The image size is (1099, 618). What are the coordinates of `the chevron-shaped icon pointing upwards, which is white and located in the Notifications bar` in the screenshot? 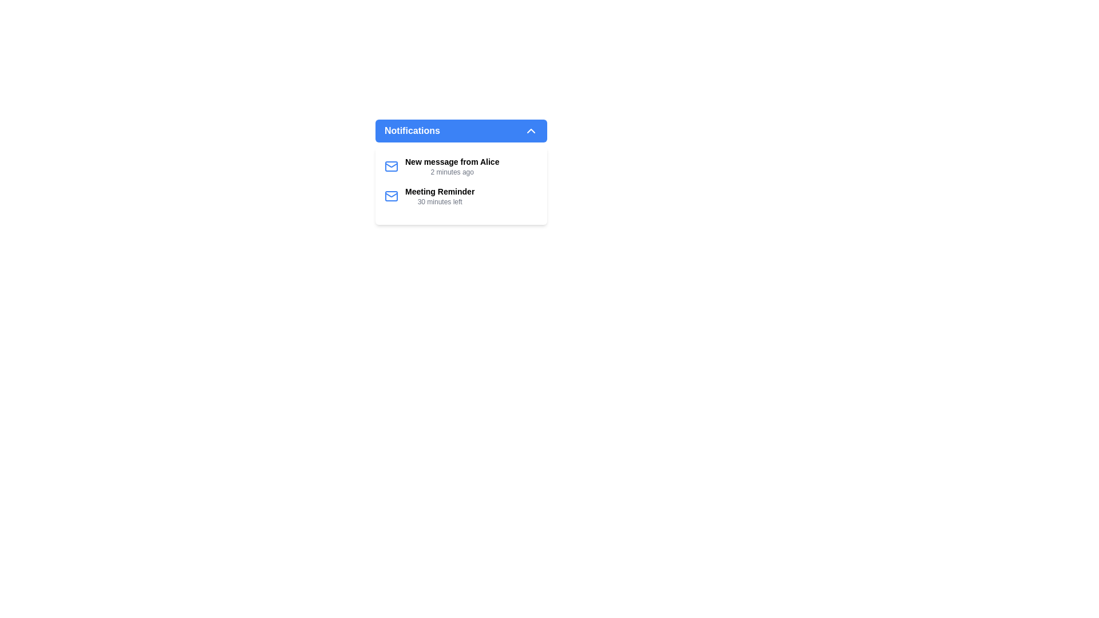 It's located at (530, 130).